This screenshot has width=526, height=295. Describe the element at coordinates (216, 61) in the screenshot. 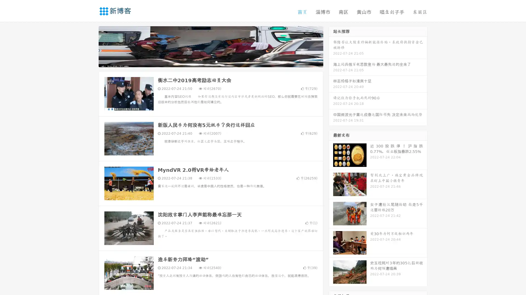

I see `Go to slide 3` at that location.